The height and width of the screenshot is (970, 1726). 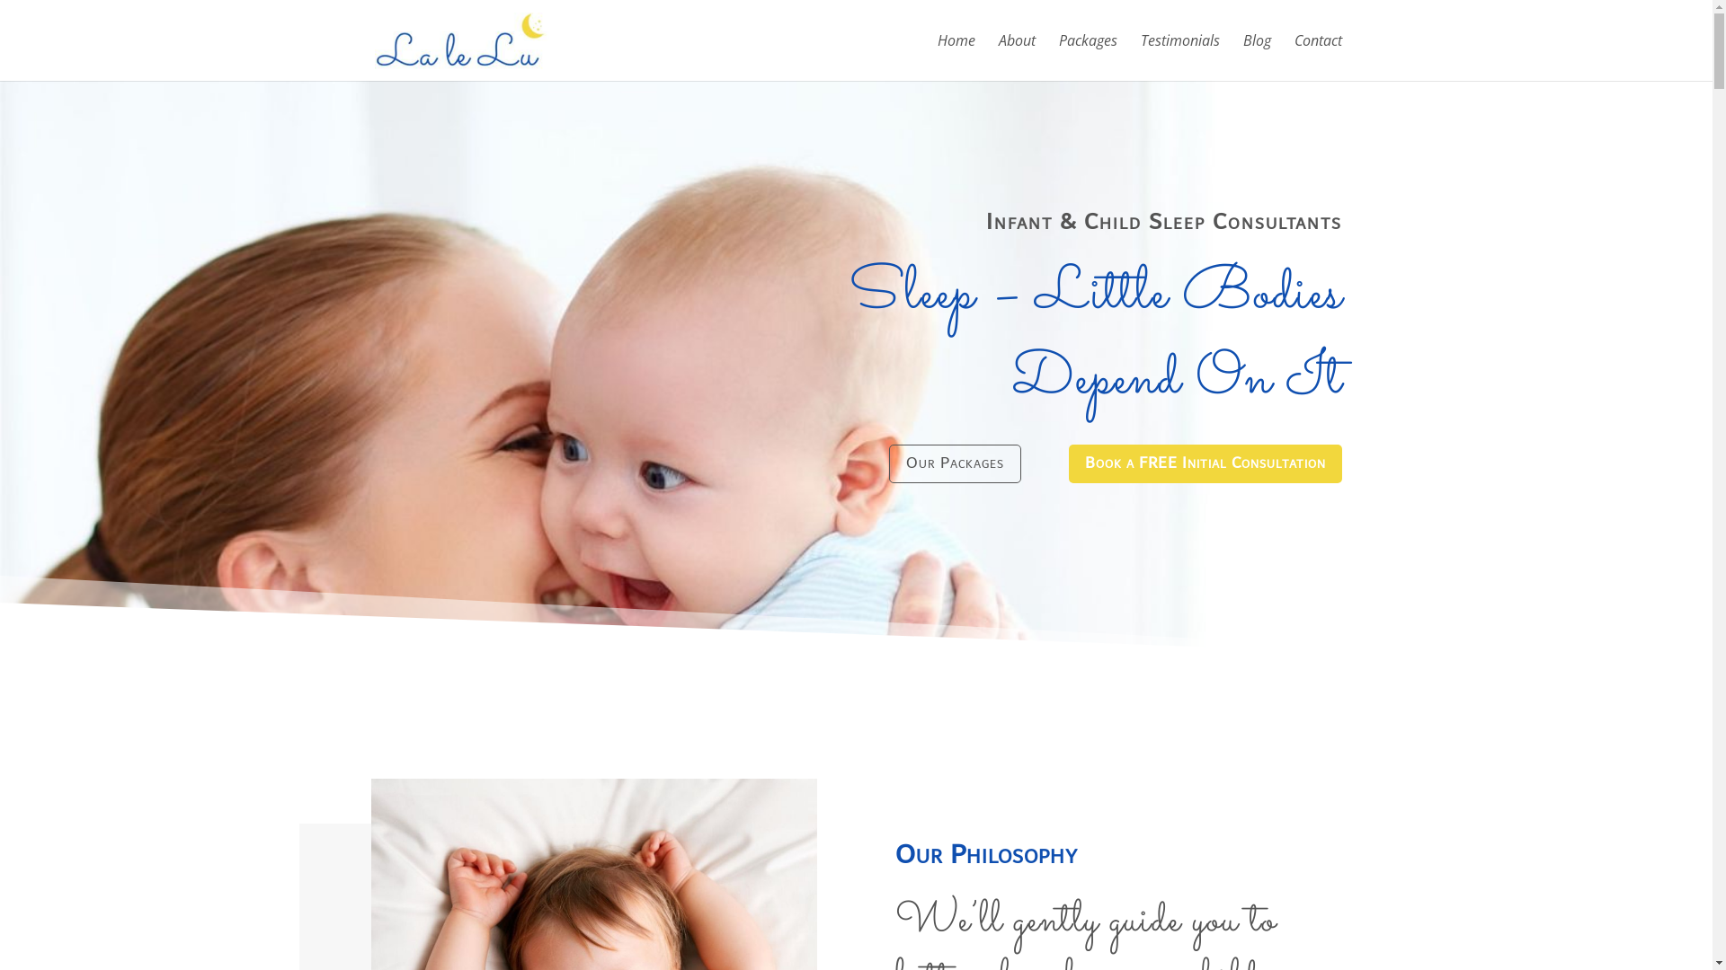 I want to click on 'Book a FREE Initial Consultation', so click(x=1204, y=463).